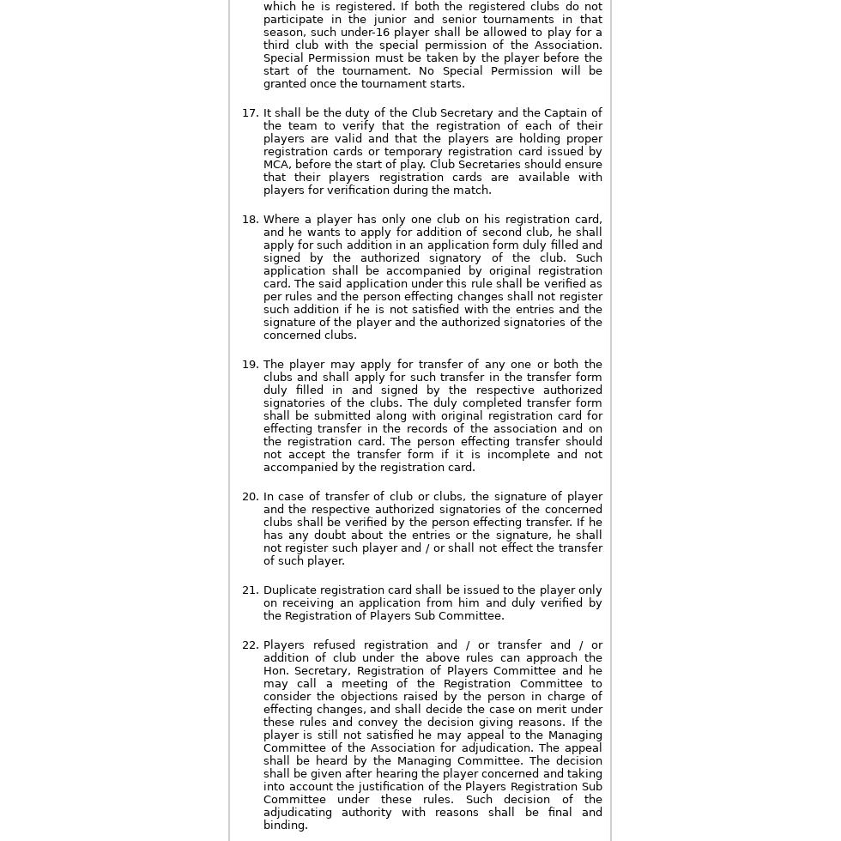  What do you see at coordinates (249, 496) in the screenshot?
I see `'20.'` at bounding box center [249, 496].